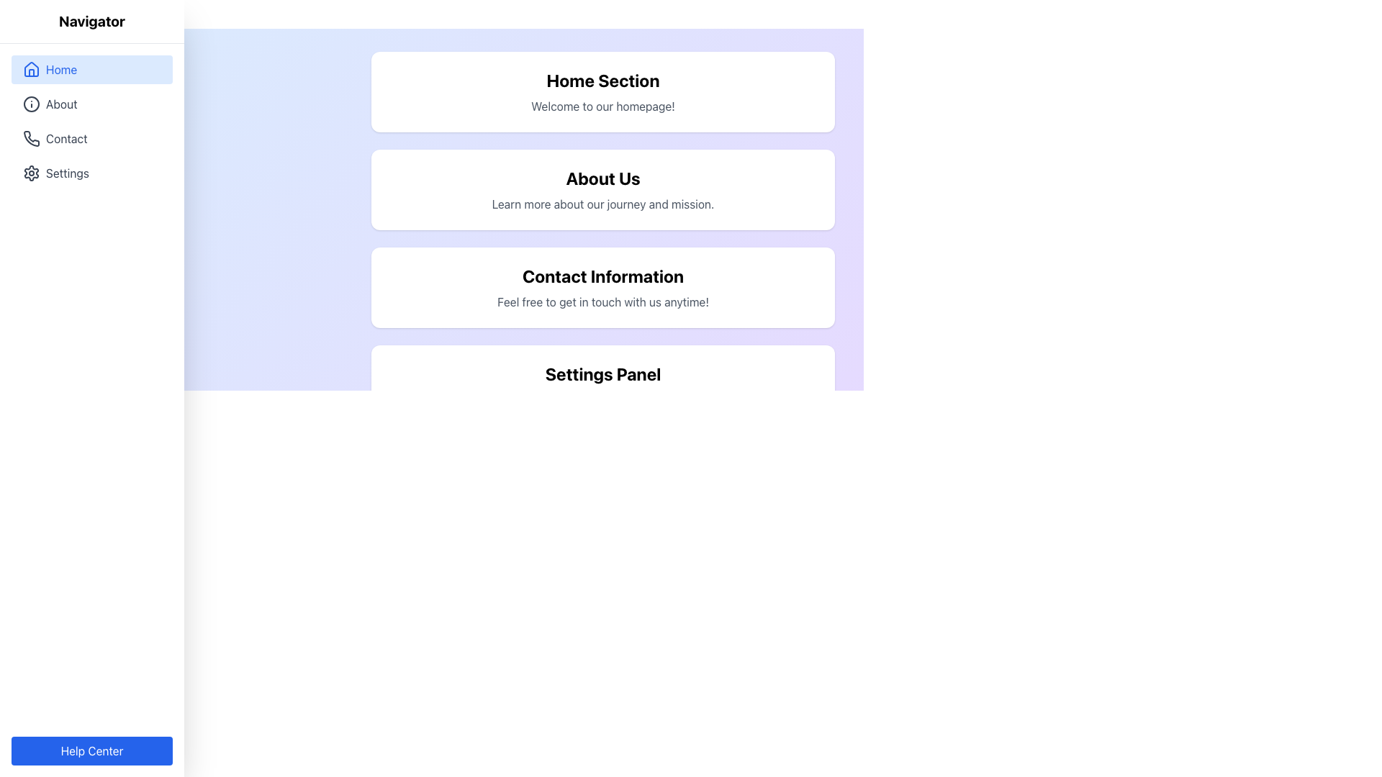 This screenshot has width=1382, height=777. Describe the element at coordinates (91, 750) in the screenshot. I see `the button located at the bottom of the sidebar navigation panel` at that location.